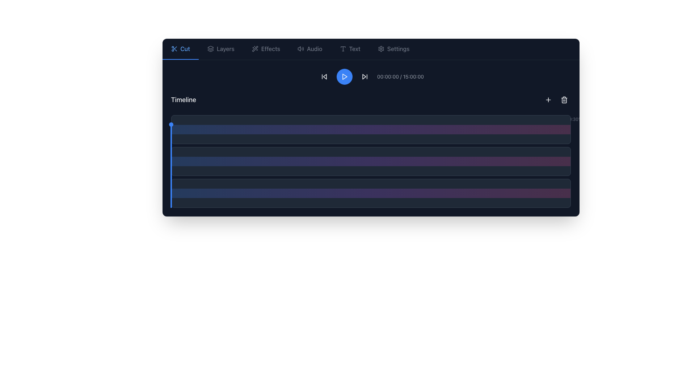 Image resolution: width=695 pixels, height=391 pixels. Describe the element at coordinates (255, 49) in the screenshot. I see `the 'Effects' icon located in the navigation bar` at that location.